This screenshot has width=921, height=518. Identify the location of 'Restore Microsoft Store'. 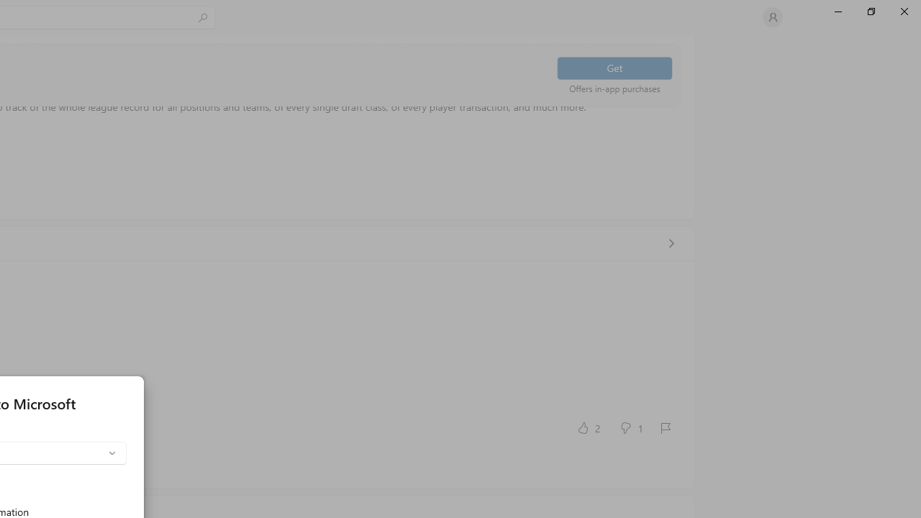
(870, 11).